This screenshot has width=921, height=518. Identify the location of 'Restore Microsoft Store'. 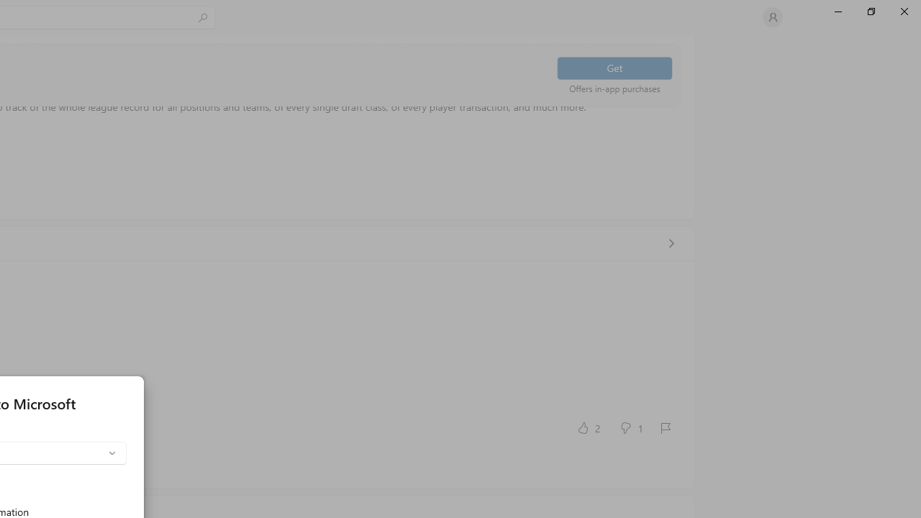
(870, 11).